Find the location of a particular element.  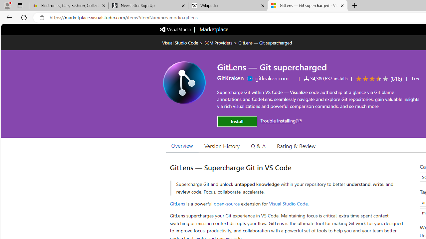

'GitLens' is located at coordinates (177, 203).